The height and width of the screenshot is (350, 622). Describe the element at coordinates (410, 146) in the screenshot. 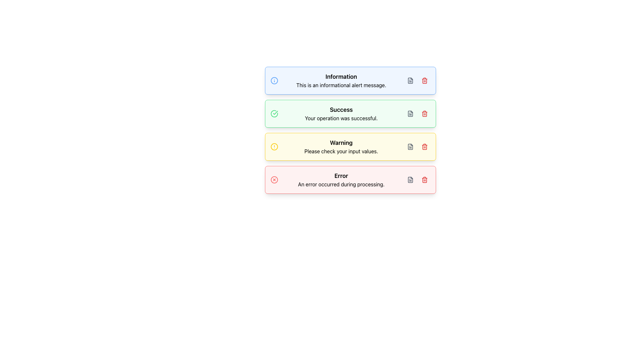

I see `the document icon located to the right of the 'Warning' alert box's text` at that location.